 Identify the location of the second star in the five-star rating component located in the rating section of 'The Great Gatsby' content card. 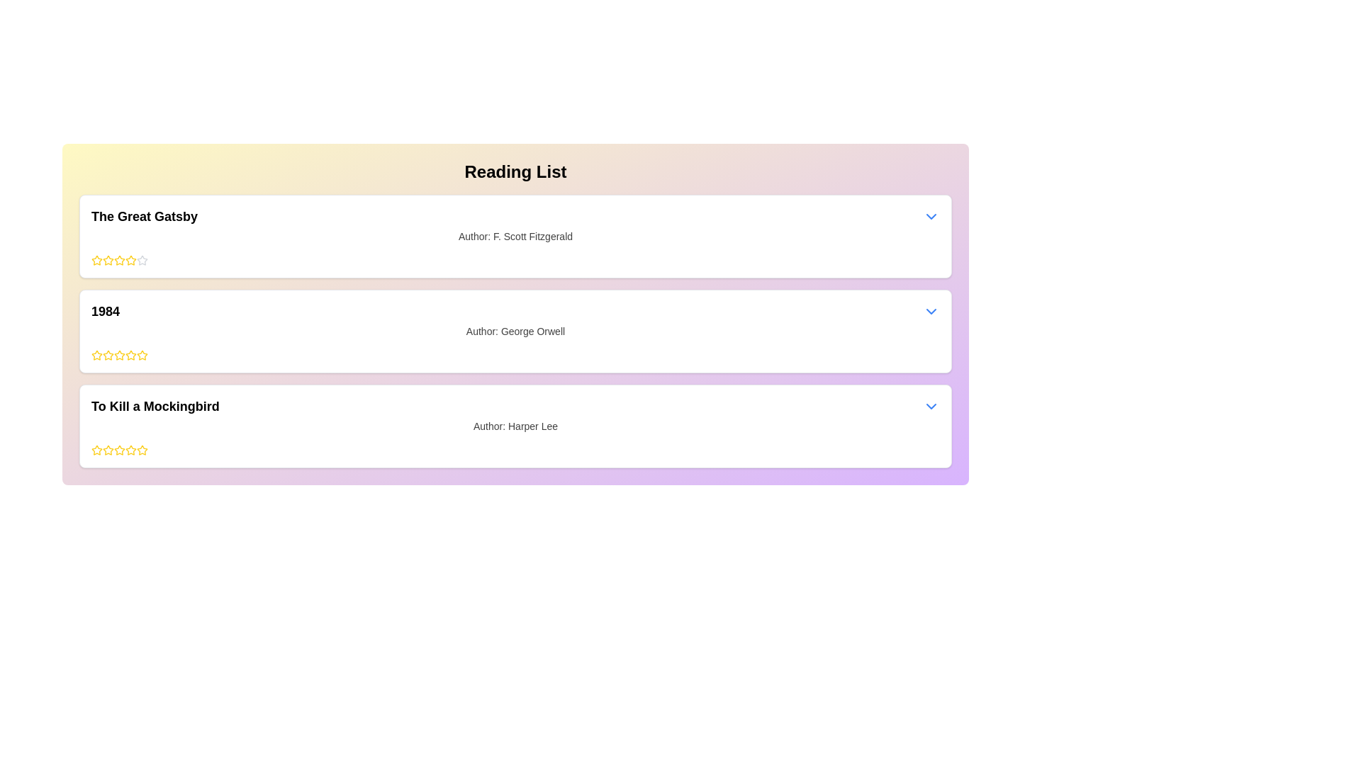
(142, 260).